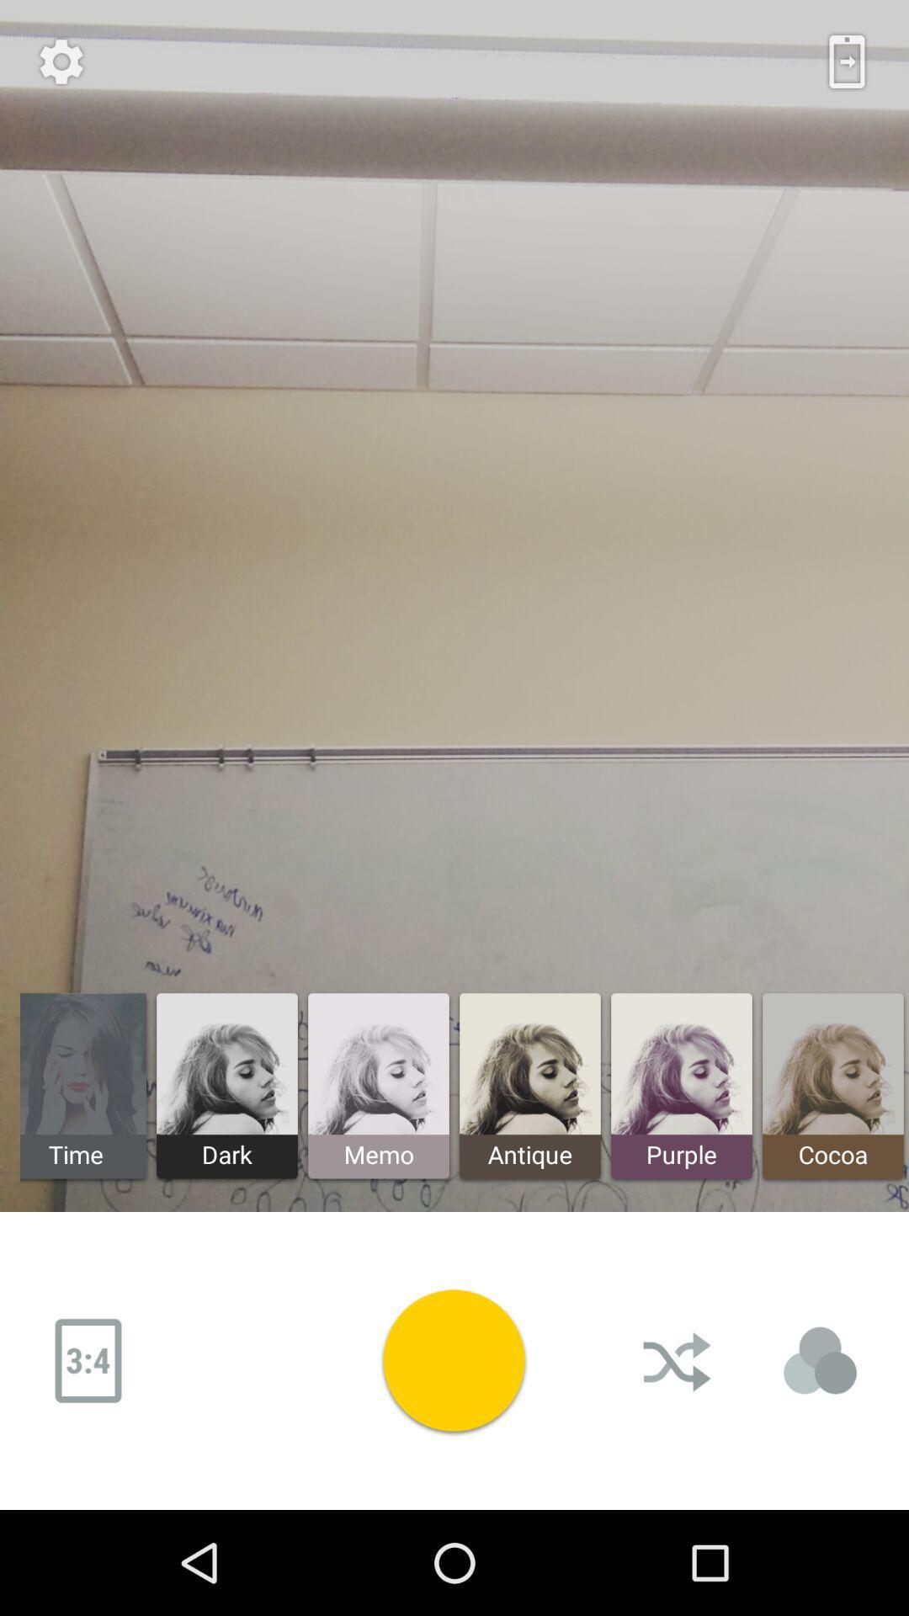 This screenshot has width=909, height=1616. What do you see at coordinates (820, 1361) in the screenshot?
I see `the avatar icon` at bounding box center [820, 1361].